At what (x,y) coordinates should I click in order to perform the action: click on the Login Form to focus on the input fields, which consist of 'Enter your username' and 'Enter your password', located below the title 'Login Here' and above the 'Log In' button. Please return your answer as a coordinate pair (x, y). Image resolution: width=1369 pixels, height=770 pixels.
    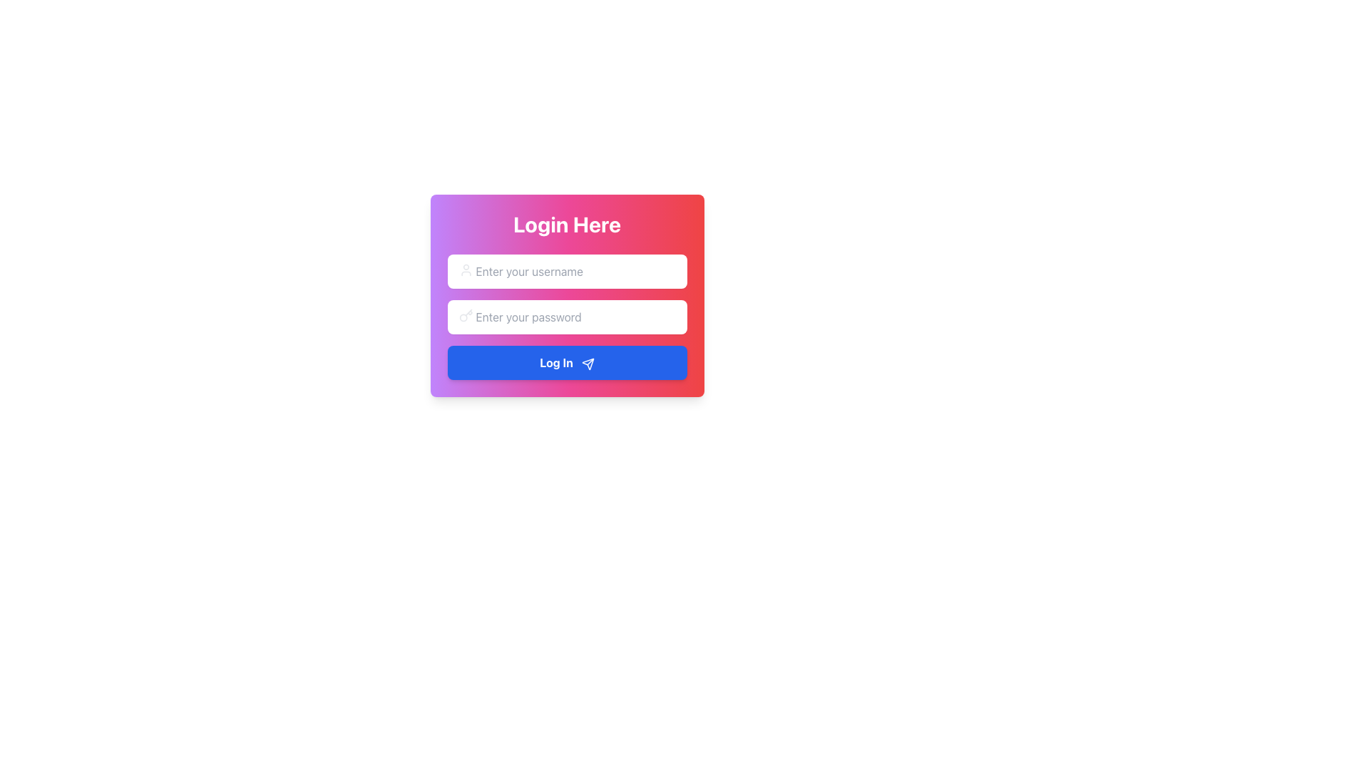
    Looking at the image, I should click on (566, 316).